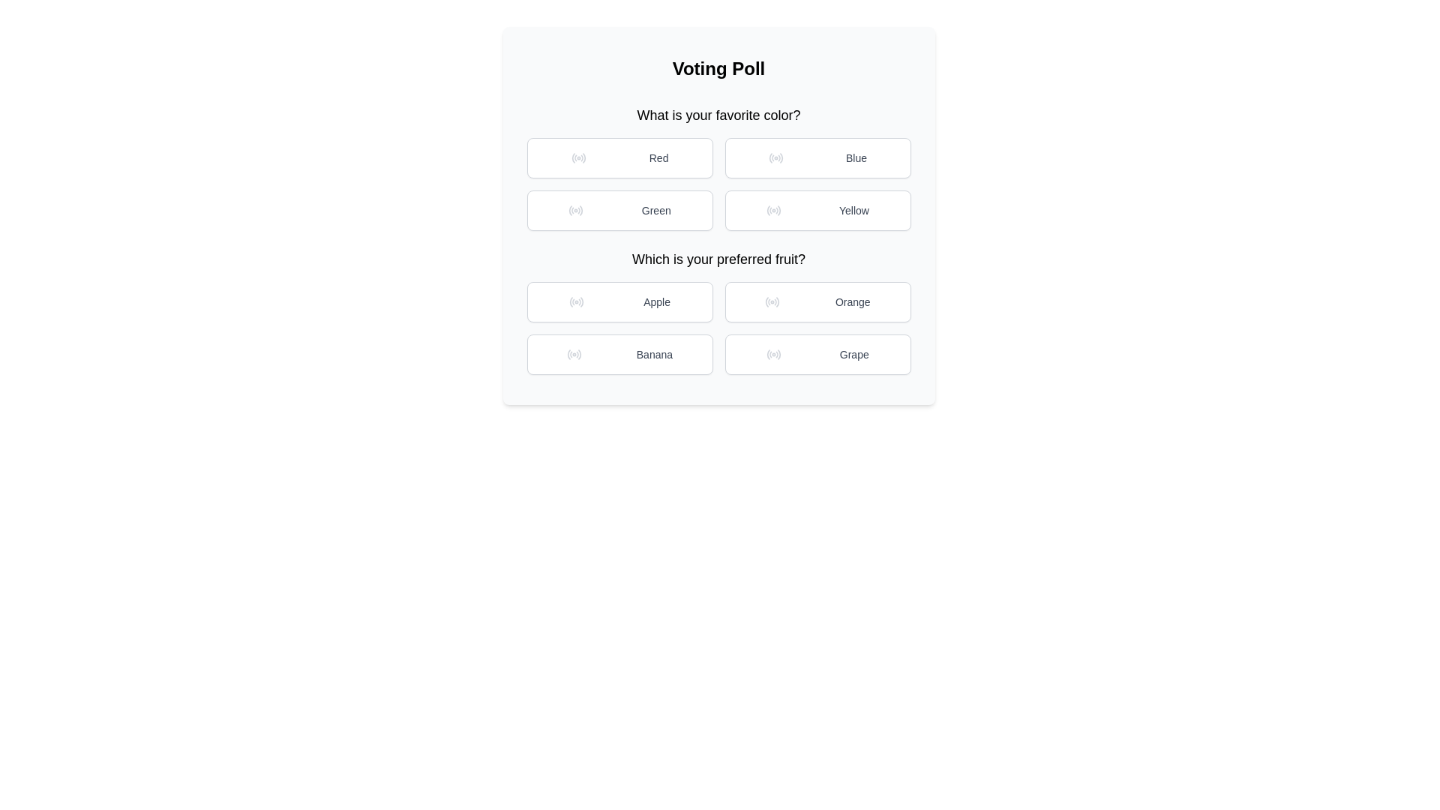 This screenshot has height=810, width=1440. What do you see at coordinates (575, 301) in the screenshot?
I see `the 'Apple' radio button` at bounding box center [575, 301].